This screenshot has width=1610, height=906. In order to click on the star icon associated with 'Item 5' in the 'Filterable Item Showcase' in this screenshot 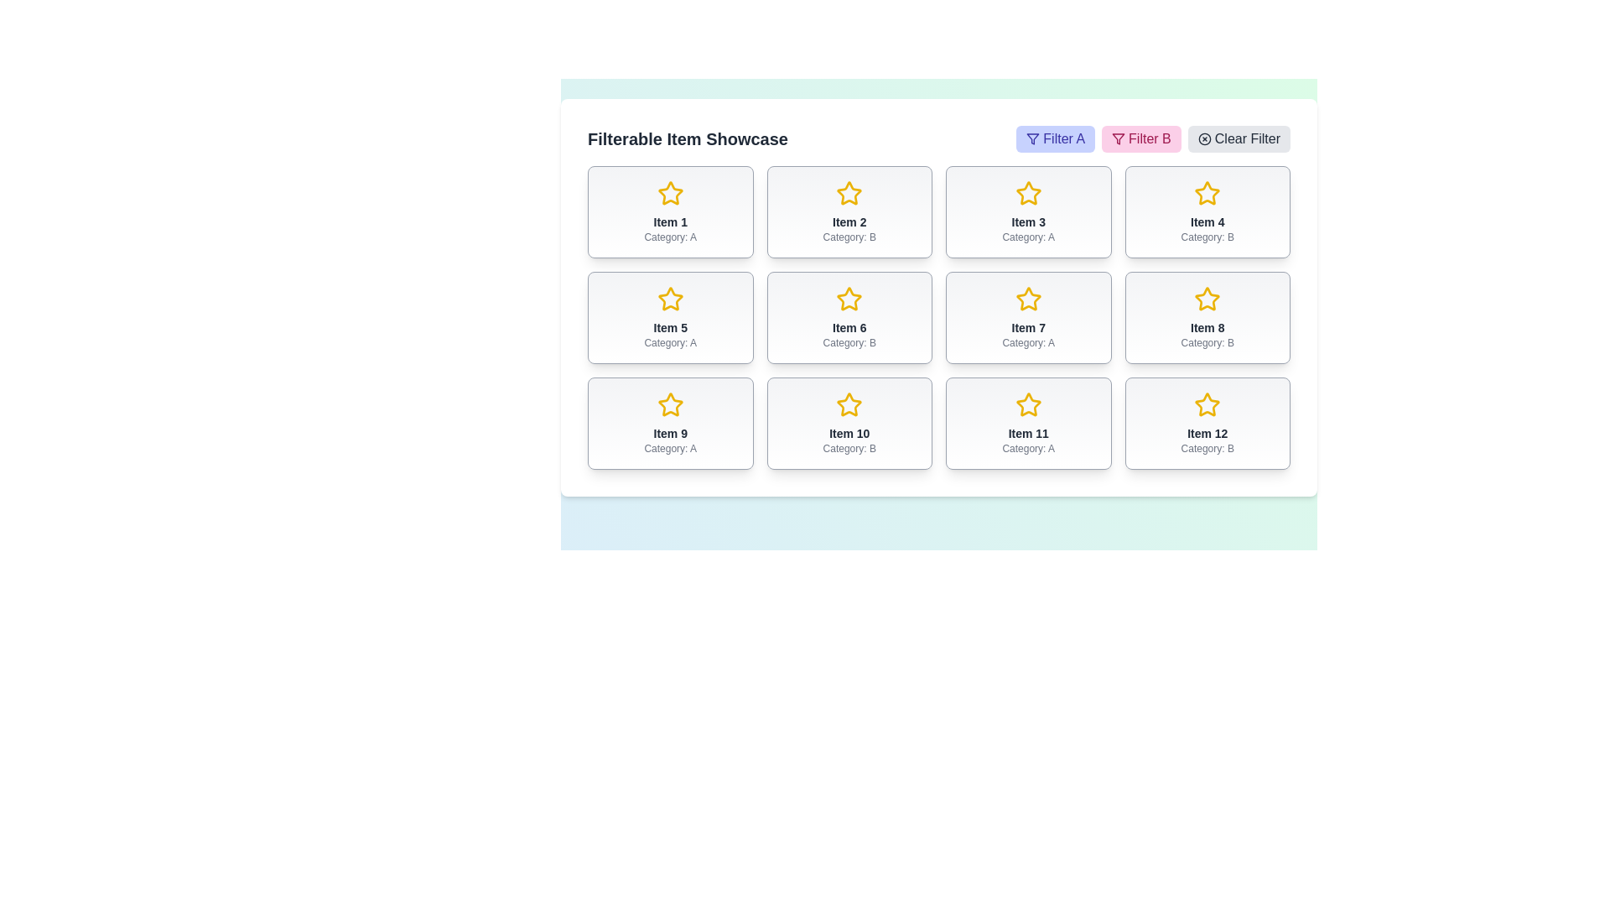, I will do `click(669, 298)`.